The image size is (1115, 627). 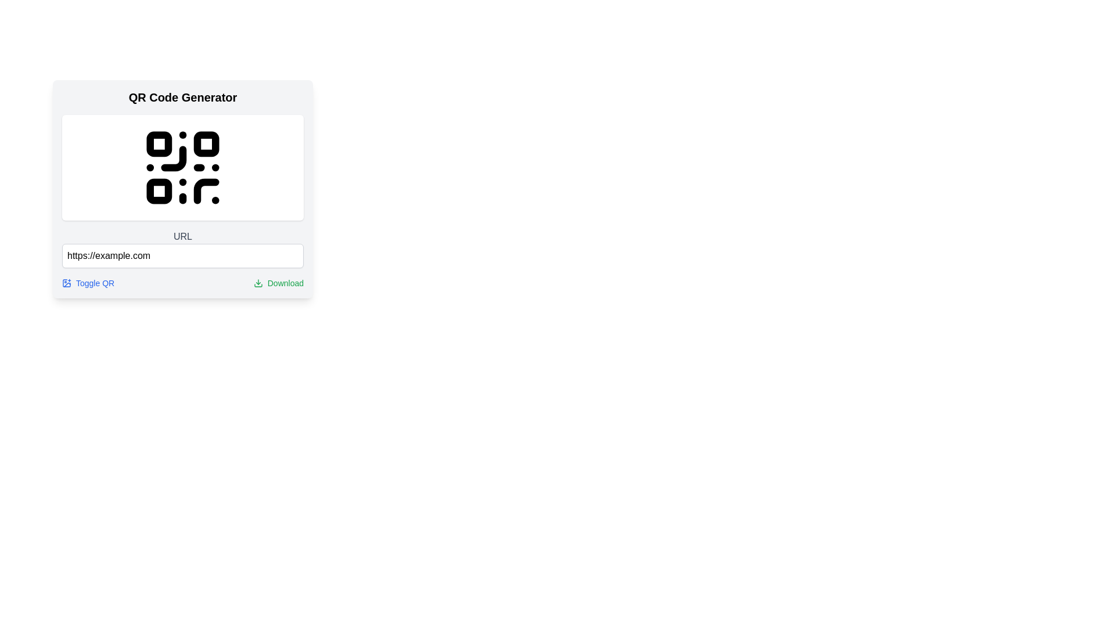 I want to click on the text-based hyperlink that toggles the visibility of the QR code display feature, located below the URL input field and before the 'Download' button, so click(x=95, y=283).